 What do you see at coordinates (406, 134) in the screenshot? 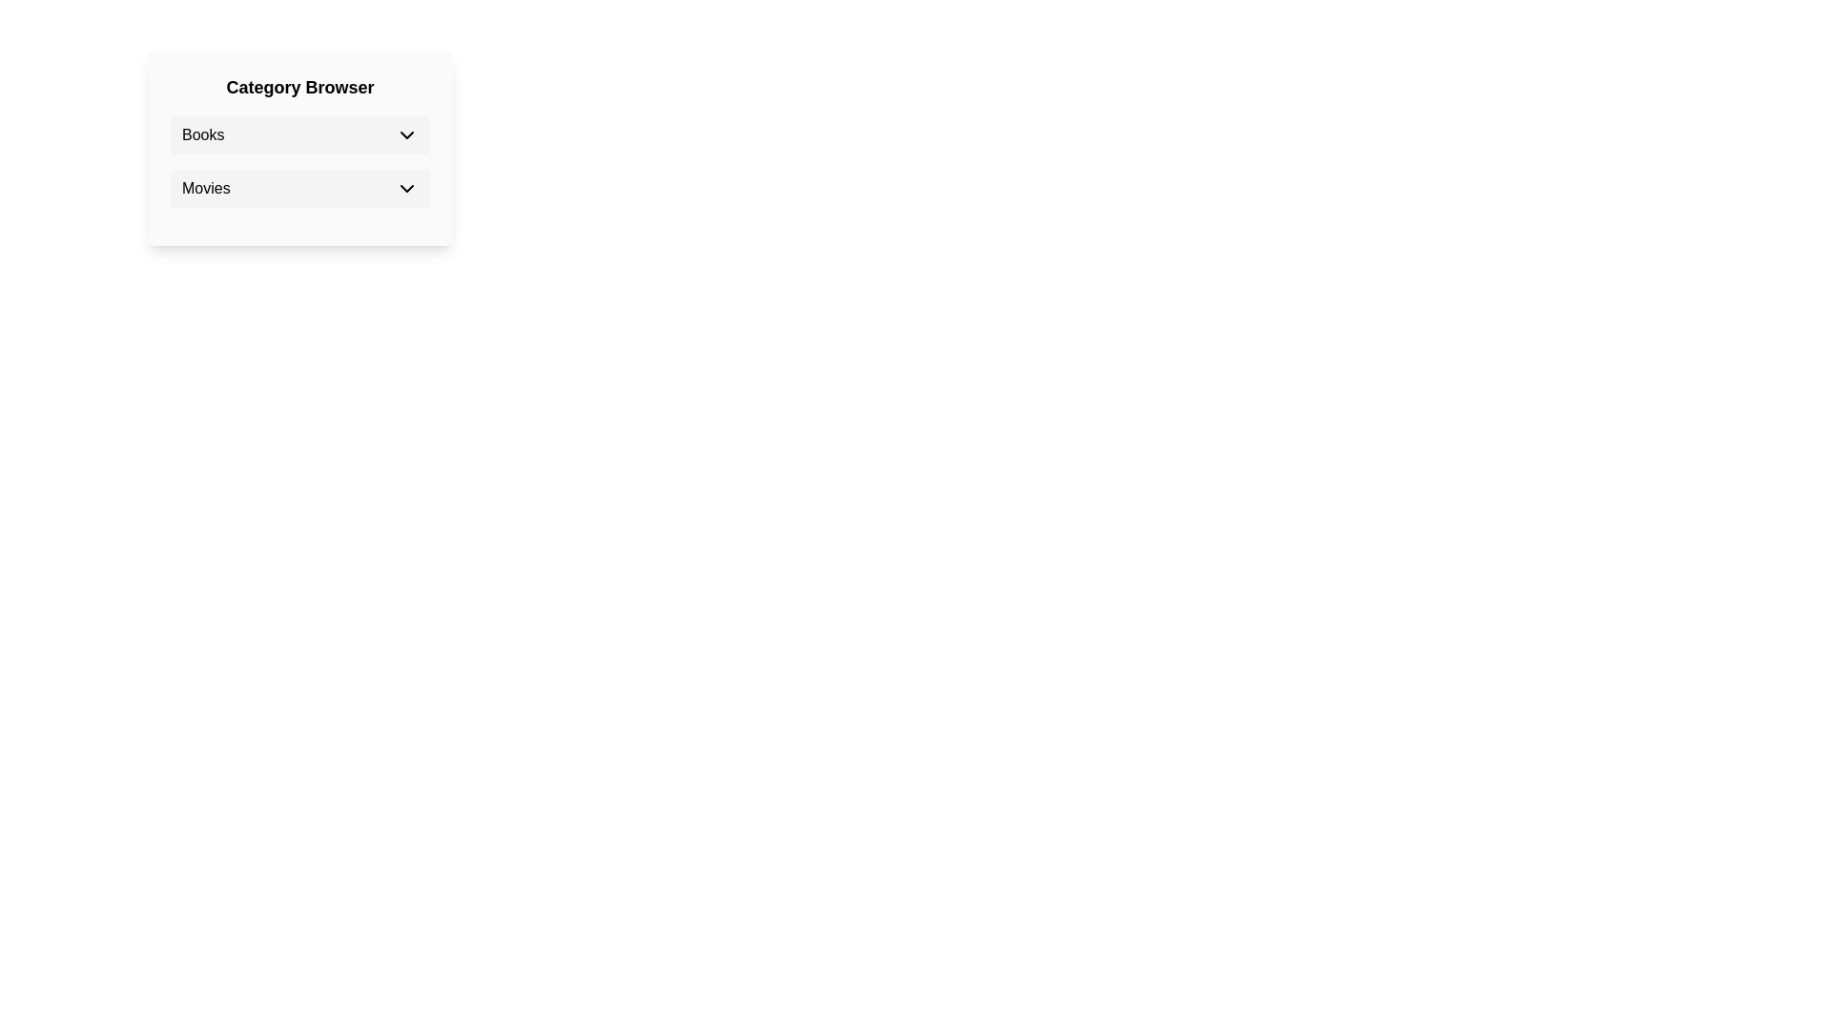
I see `the downward-pointing chevron icon of the Dropdown indicator located to the right of the 'Books' label within the Category Browser interface` at bounding box center [406, 134].